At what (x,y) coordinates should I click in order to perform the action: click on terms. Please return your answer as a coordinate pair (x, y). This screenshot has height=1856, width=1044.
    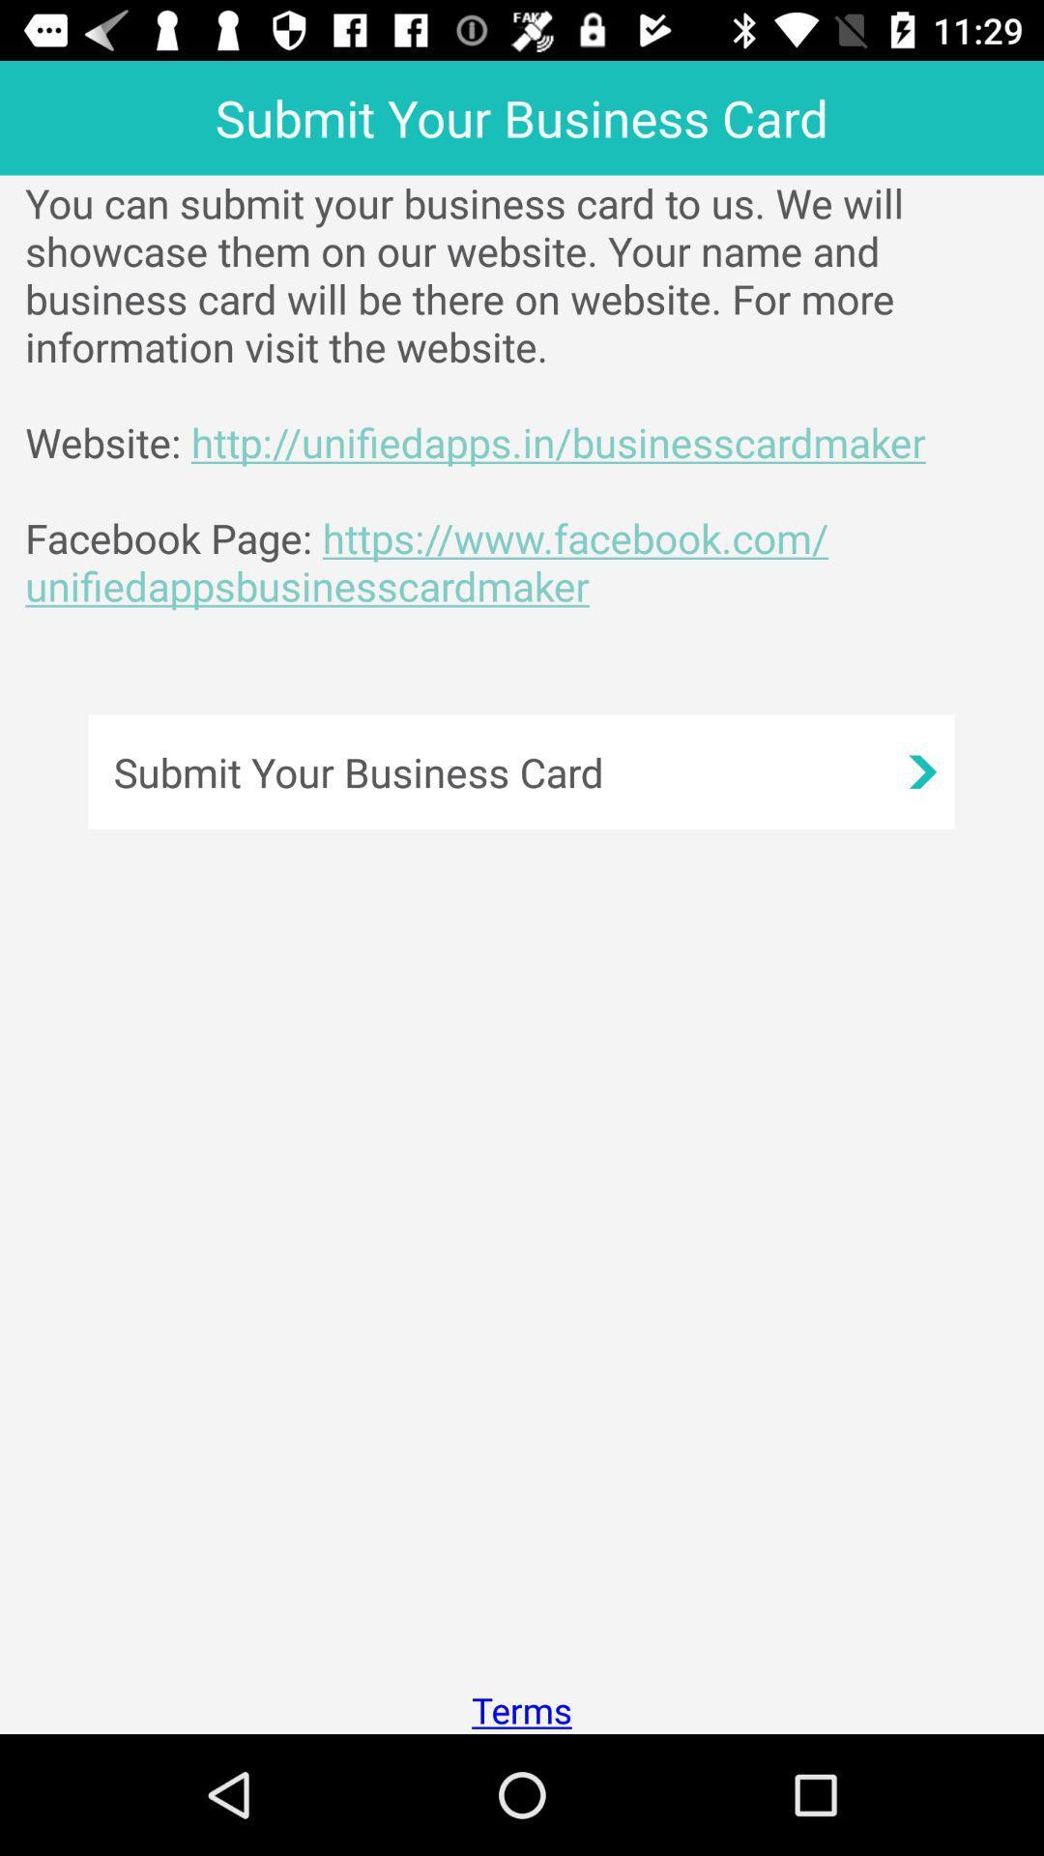
    Looking at the image, I should click on (522, 1710).